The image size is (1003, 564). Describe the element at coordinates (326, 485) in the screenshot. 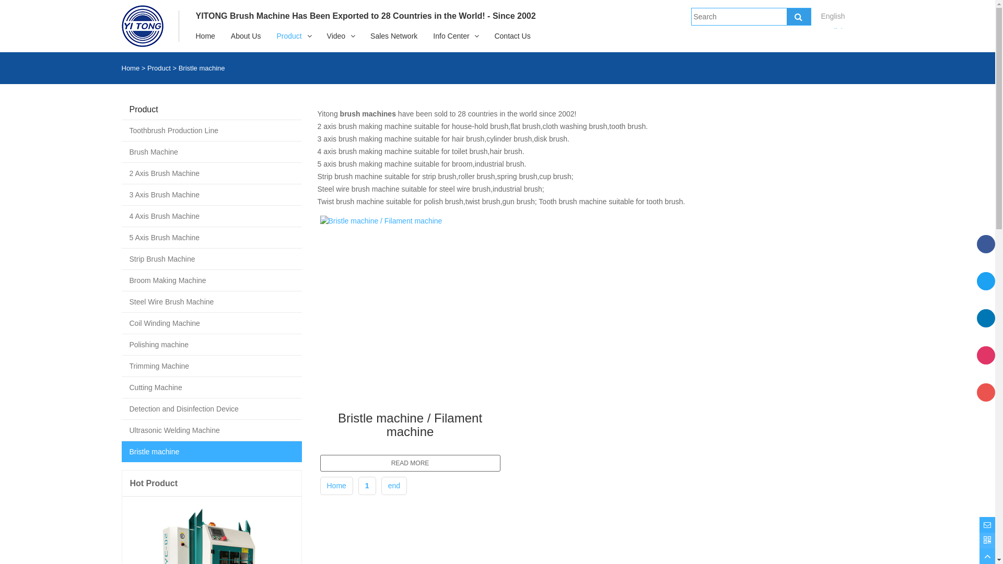

I see `'Home'` at that location.